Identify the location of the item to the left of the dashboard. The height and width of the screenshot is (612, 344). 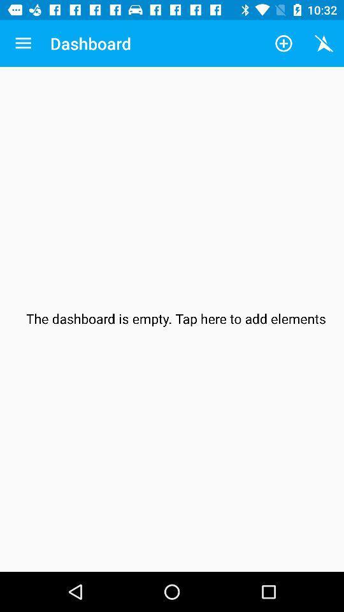
(23, 43).